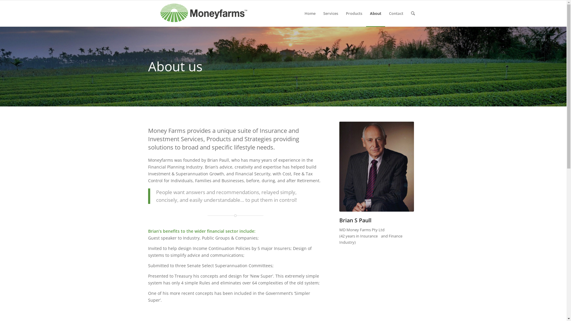 This screenshot has height=321, width=571. Describe the element at coordinates (204, 12) in the screenshot. I see `'mf_logo2015'` at that location.